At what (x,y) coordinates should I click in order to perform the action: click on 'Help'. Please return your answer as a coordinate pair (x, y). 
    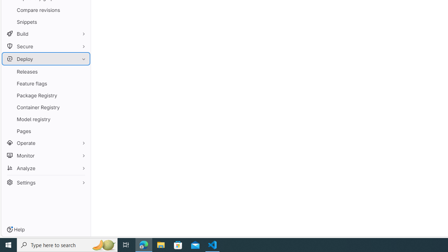
    Looking at the image, I should click on (16, 229).